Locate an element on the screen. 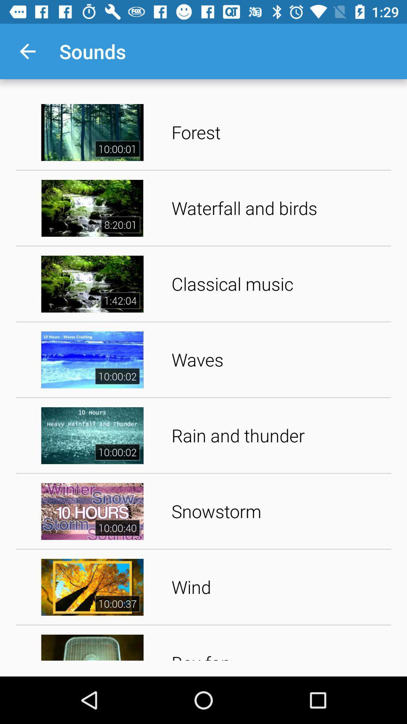  the icon above the box fan is located at coordinates (278, 586).